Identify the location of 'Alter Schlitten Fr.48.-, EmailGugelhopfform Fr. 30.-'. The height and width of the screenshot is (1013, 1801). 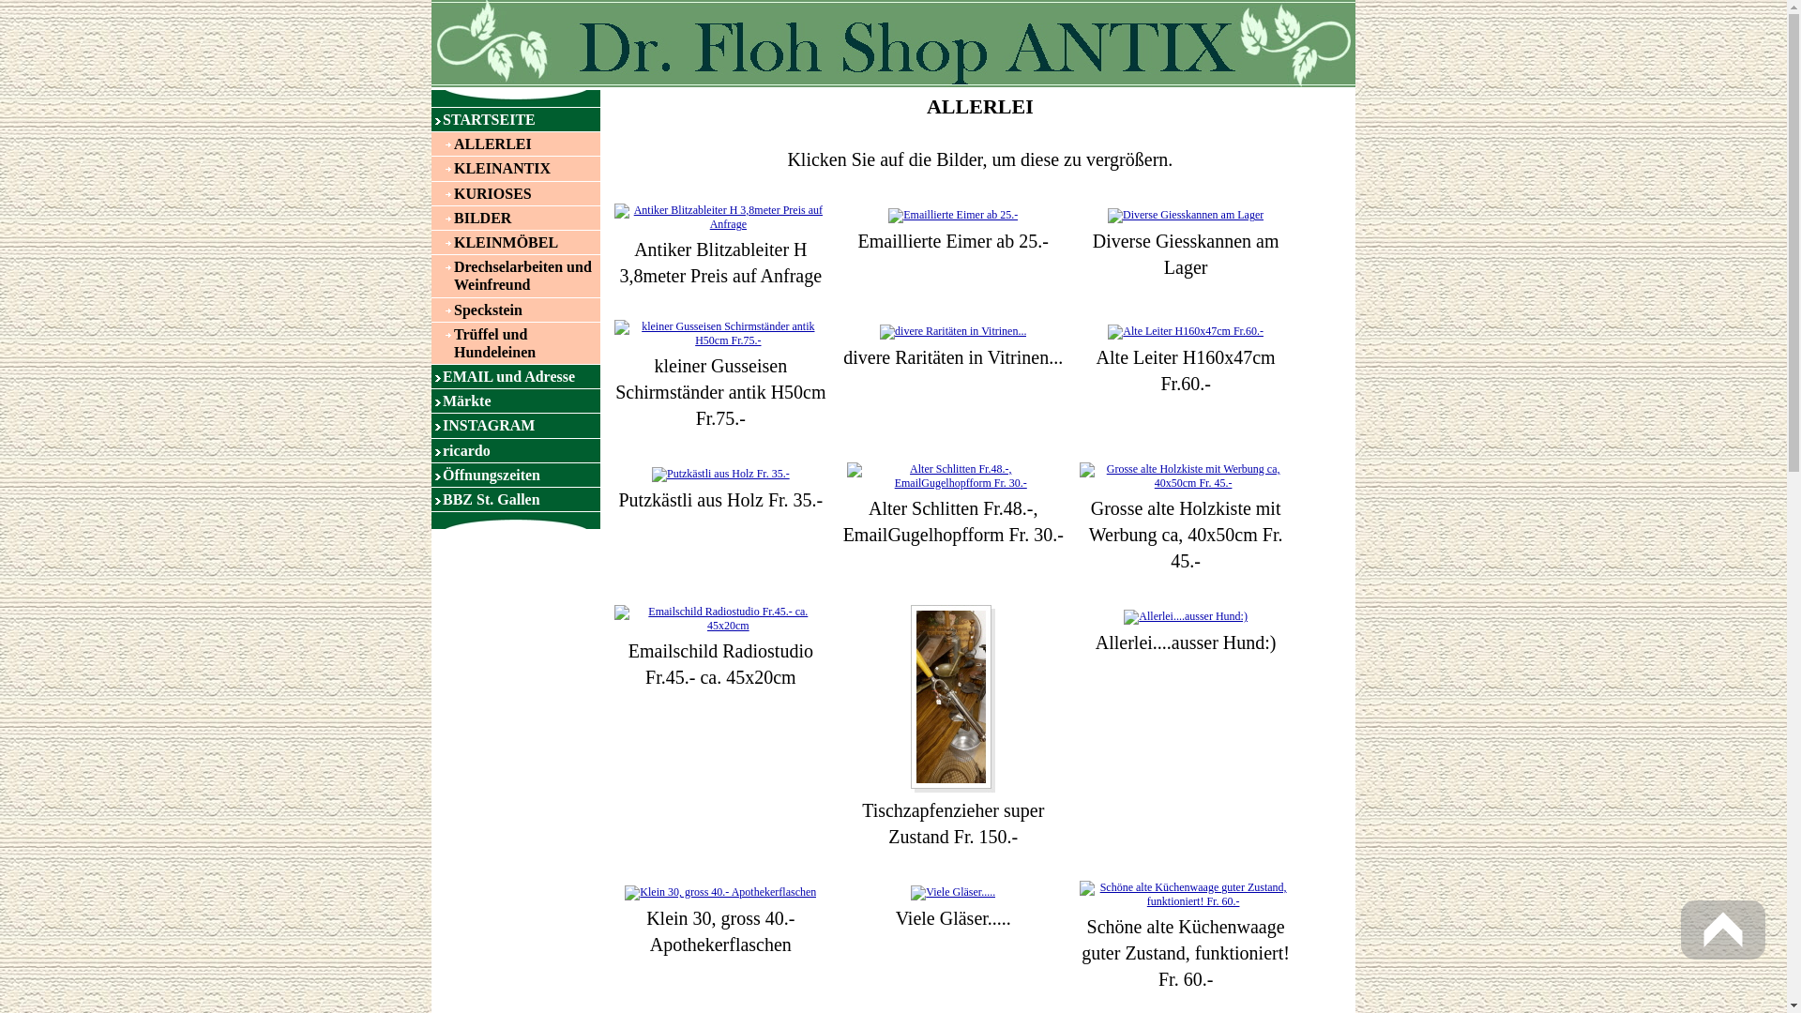
(953, 474).